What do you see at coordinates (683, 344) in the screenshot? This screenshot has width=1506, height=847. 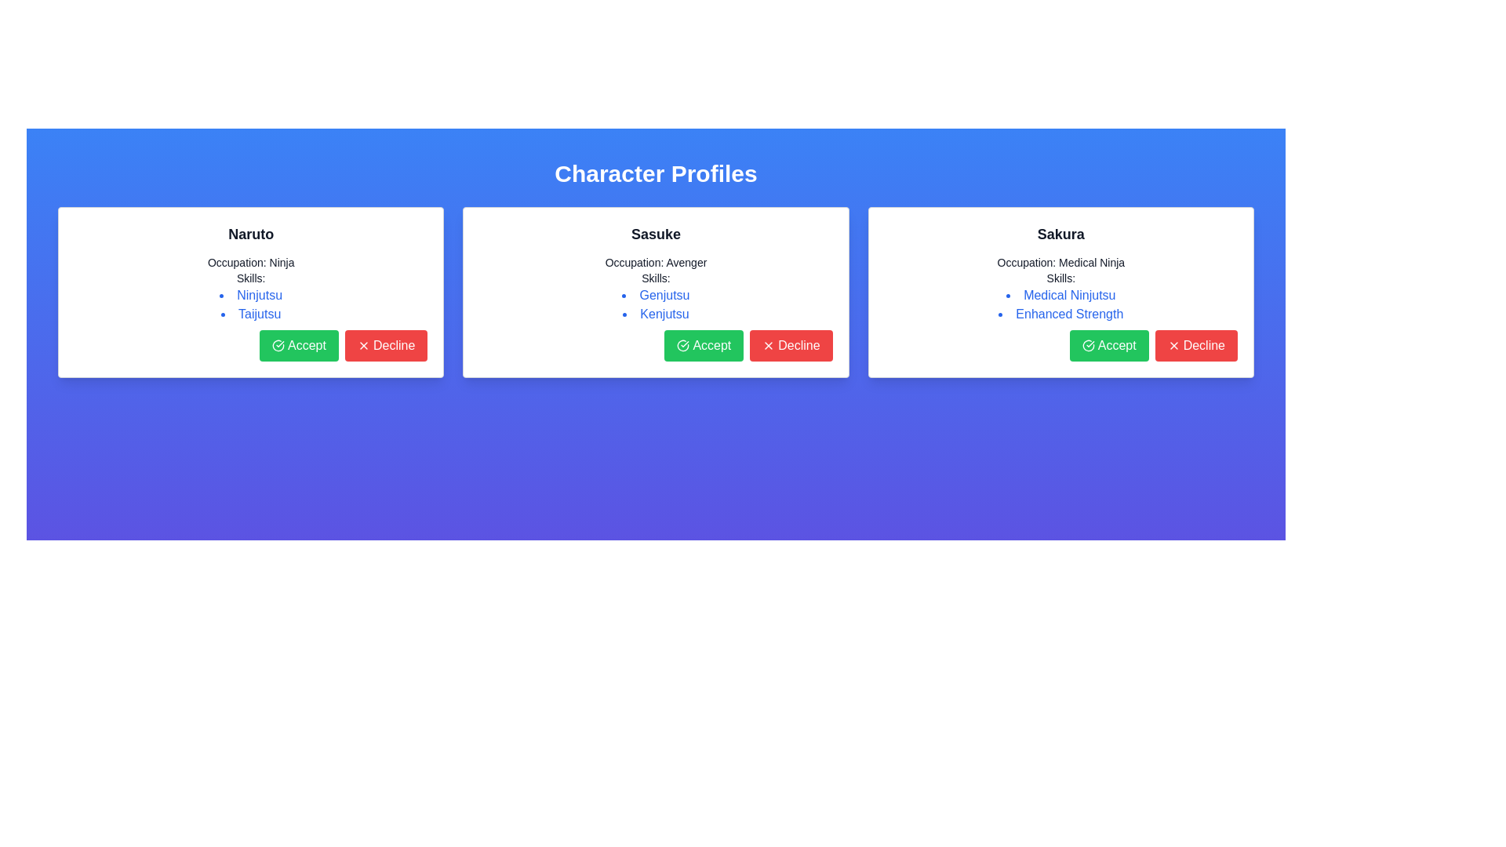 I see `the circular icon with a green checkmark located in the center of the 'Accept' button under the name 'Sasuke'` at bounding box center [683, 344].